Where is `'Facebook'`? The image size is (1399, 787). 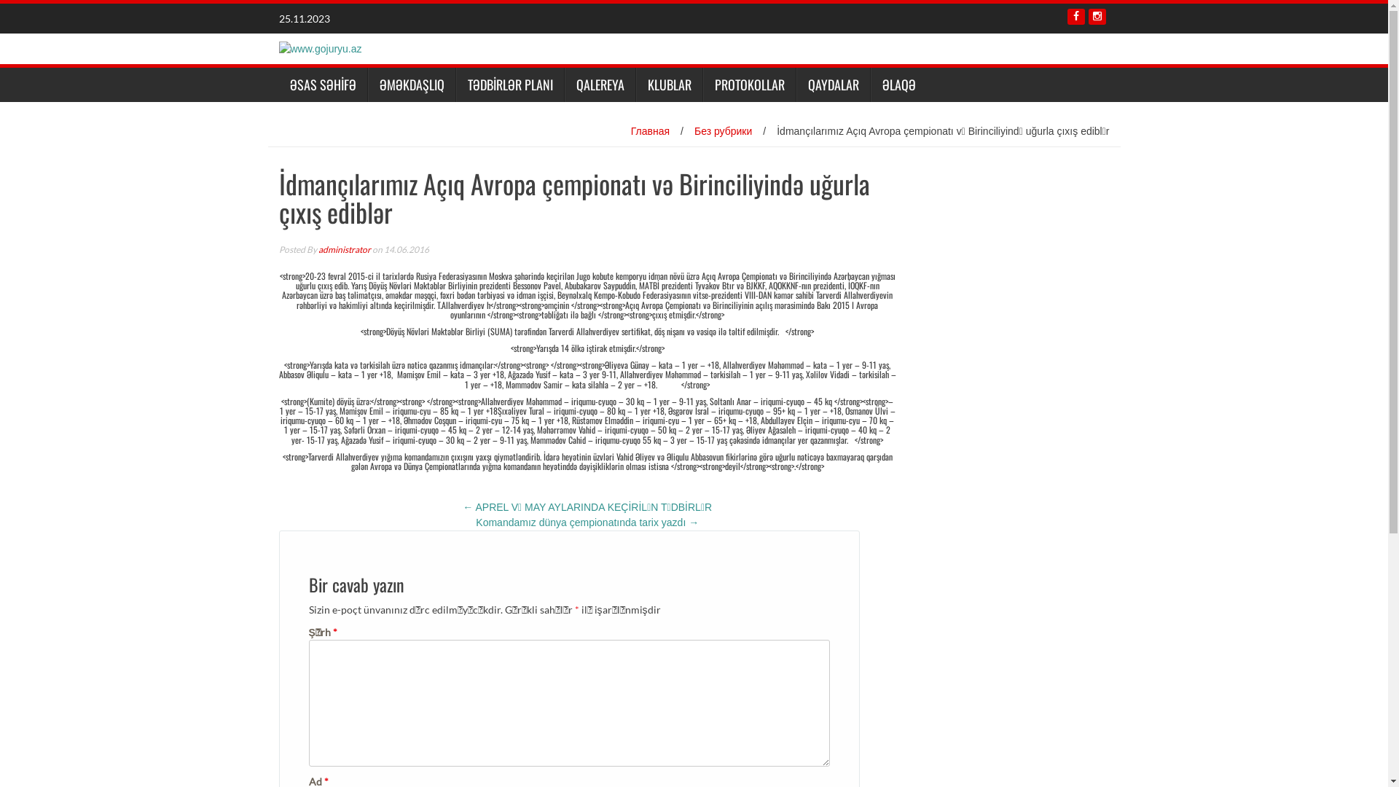 'Facebook' is located at coordinates (1075, 17).